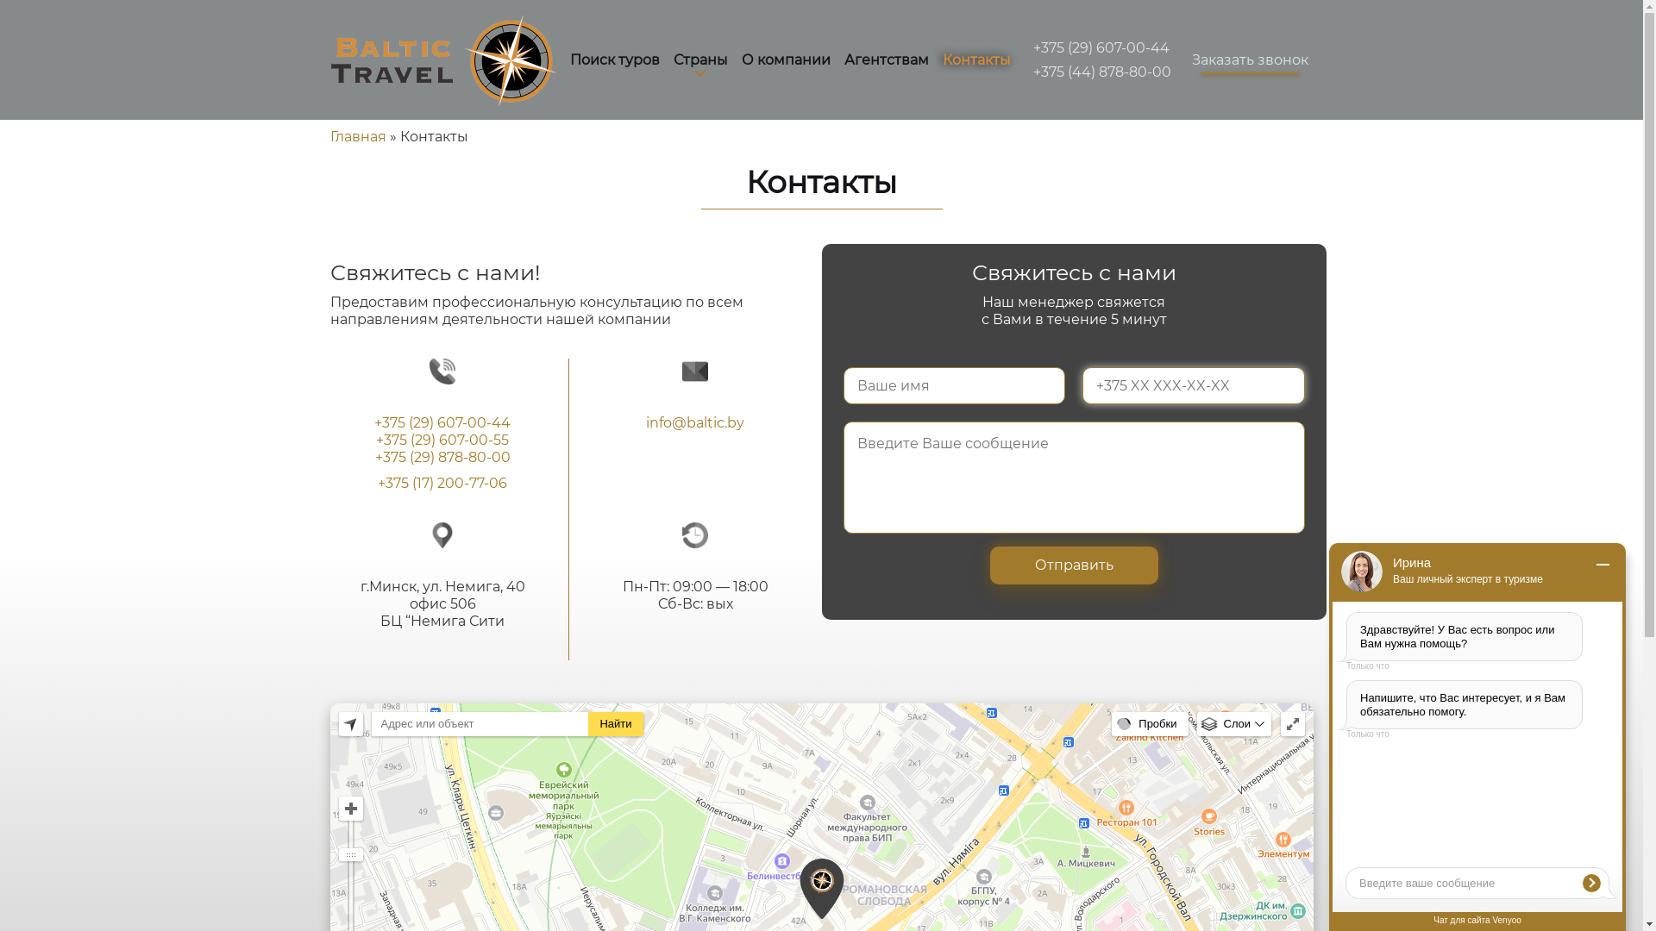  I want to click on '+375 (29) 607-00-44', so click(442, 422).